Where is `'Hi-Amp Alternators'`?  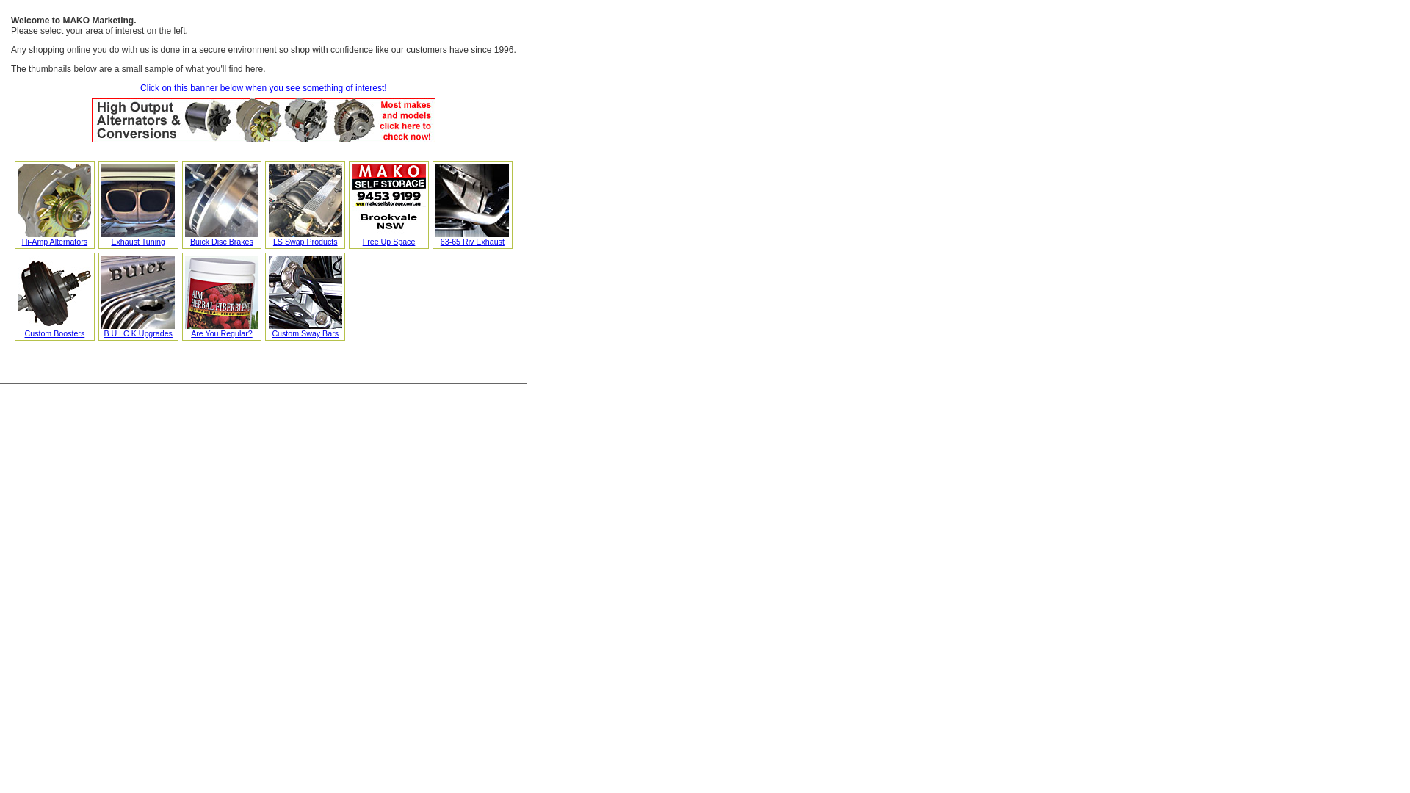
'Hi-Amp Alternators' is located at coordinates (18, 237).